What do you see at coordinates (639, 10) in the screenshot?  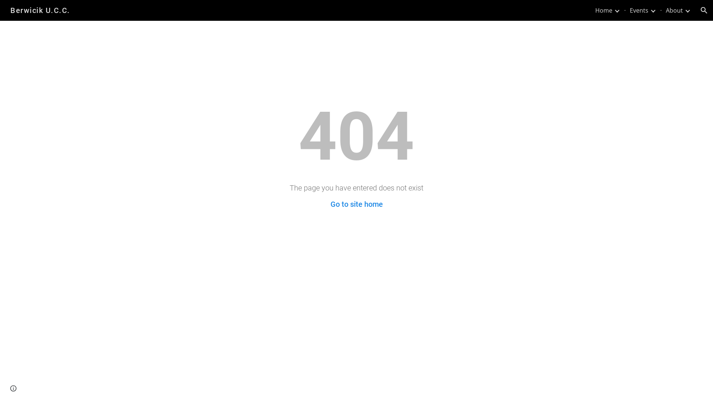 I see `'Events'` at bounding box center [639, 10].